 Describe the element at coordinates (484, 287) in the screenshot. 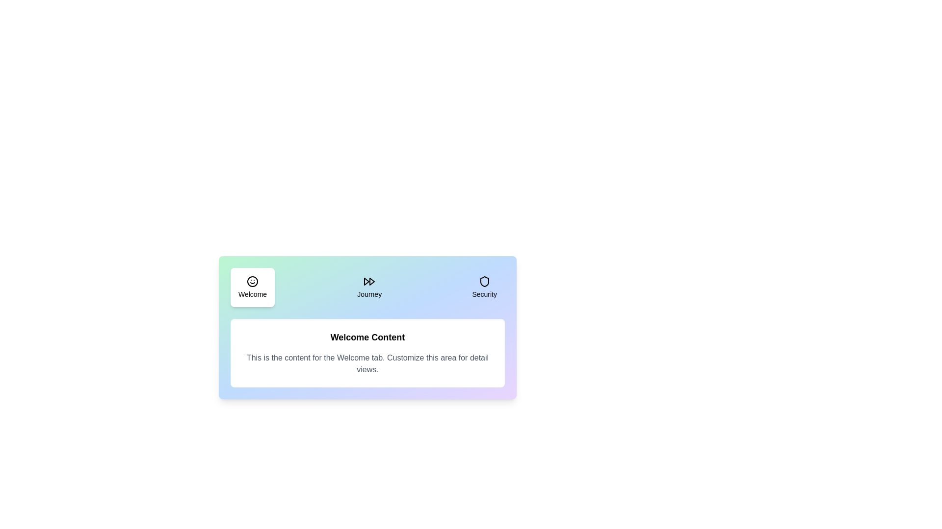

I see `the Security tab` at that location.